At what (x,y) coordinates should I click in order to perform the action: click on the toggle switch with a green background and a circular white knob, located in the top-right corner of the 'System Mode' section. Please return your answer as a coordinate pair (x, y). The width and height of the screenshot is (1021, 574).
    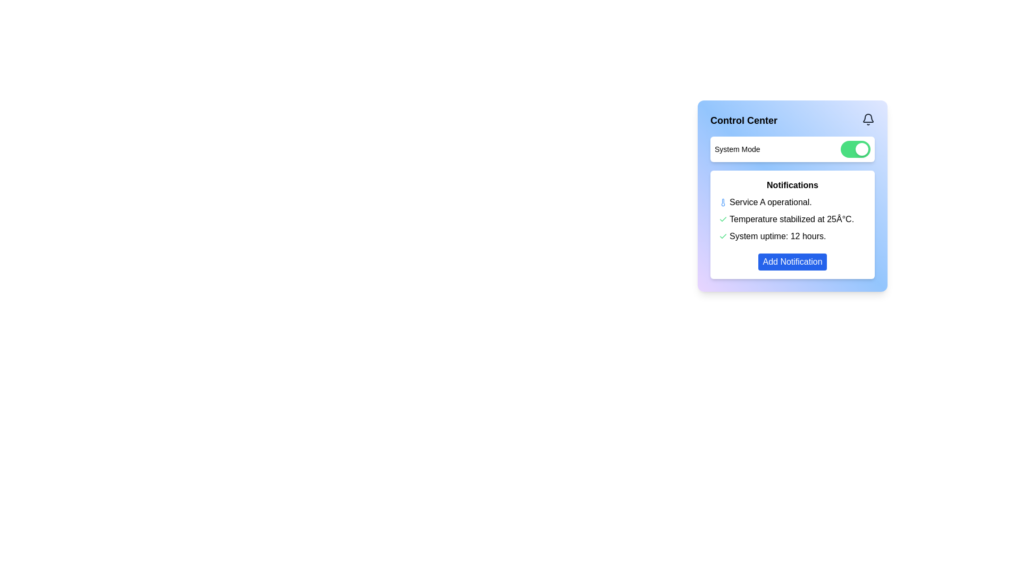
    Looking at the image, I should click on (855, 149).